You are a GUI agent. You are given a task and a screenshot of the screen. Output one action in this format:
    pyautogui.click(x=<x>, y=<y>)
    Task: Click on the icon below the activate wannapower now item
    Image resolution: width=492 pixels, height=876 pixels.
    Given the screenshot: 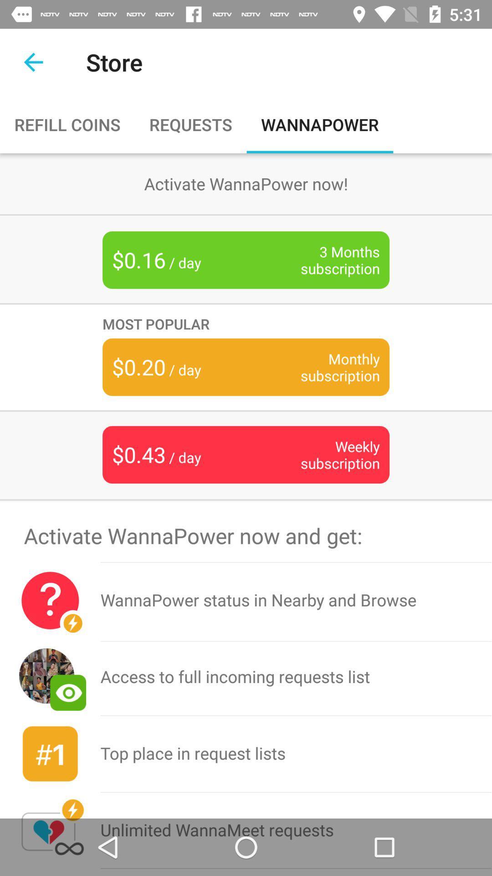 What is the action you would take?
    pyautogui.click(x=50, y=600)
    